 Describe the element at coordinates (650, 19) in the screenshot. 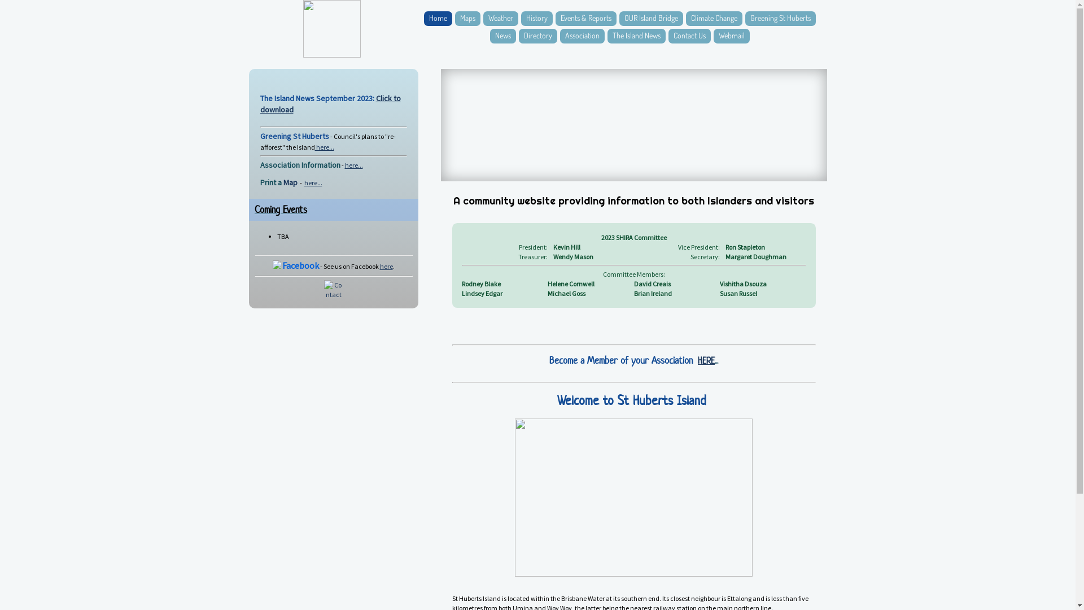

I see `'OUR Island Bridge'` at that location.